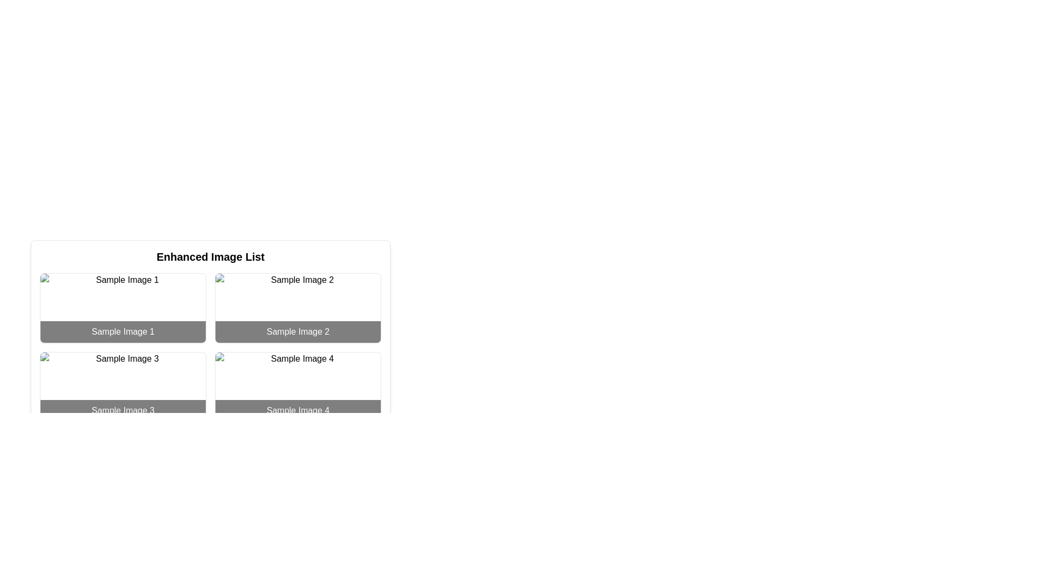 The width and height of the screenshot is (1037, 583). Describe the element at coordinates (123, 331) in the screenshot. I see `the Text label overlay that provides the title 'Sample Image 1', which is positioned as the bottom overlay covering part of the associated image in the first item of a grid or list` at that location.